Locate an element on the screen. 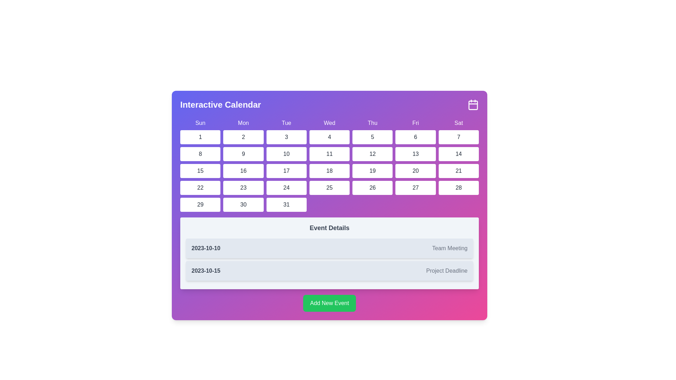 This screenshot has height=380, width=676. the date selection button located in the second column of the second row of the calendar is located at coordinates (200, 154).